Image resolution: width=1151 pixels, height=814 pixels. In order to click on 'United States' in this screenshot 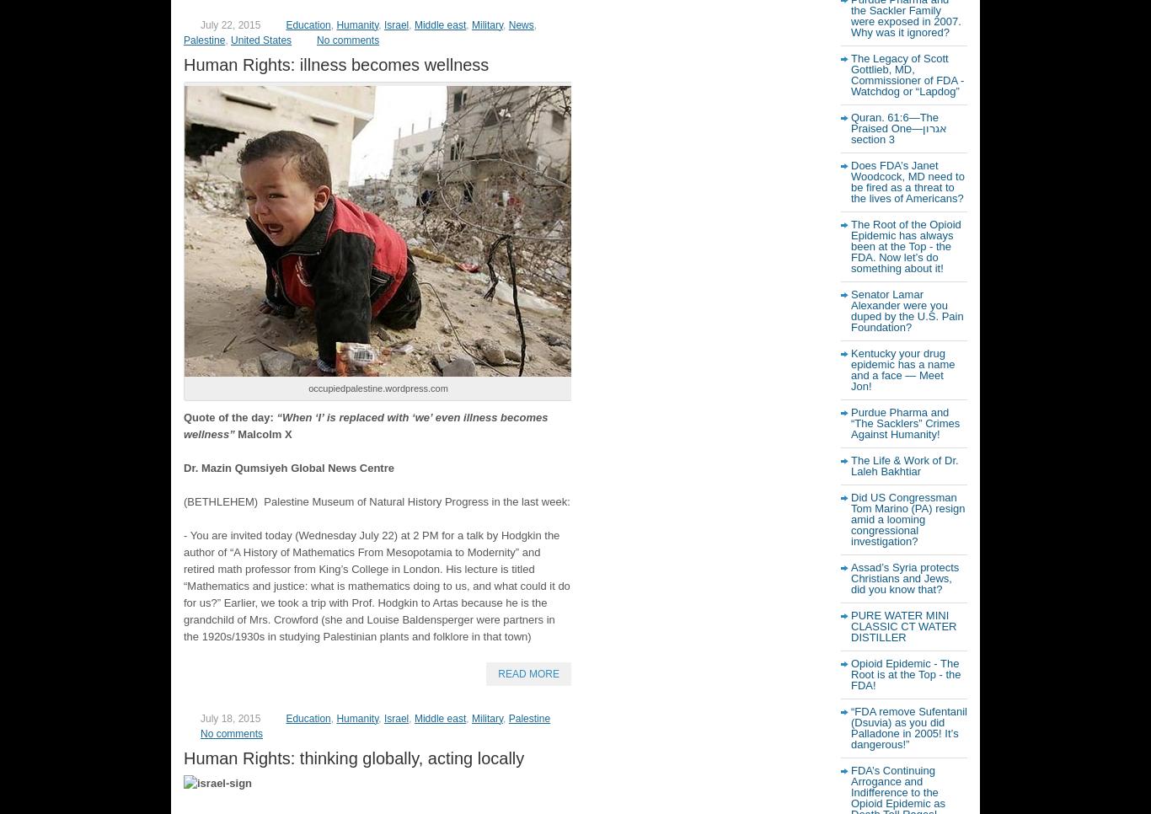, I will do `click(260, 40)`.